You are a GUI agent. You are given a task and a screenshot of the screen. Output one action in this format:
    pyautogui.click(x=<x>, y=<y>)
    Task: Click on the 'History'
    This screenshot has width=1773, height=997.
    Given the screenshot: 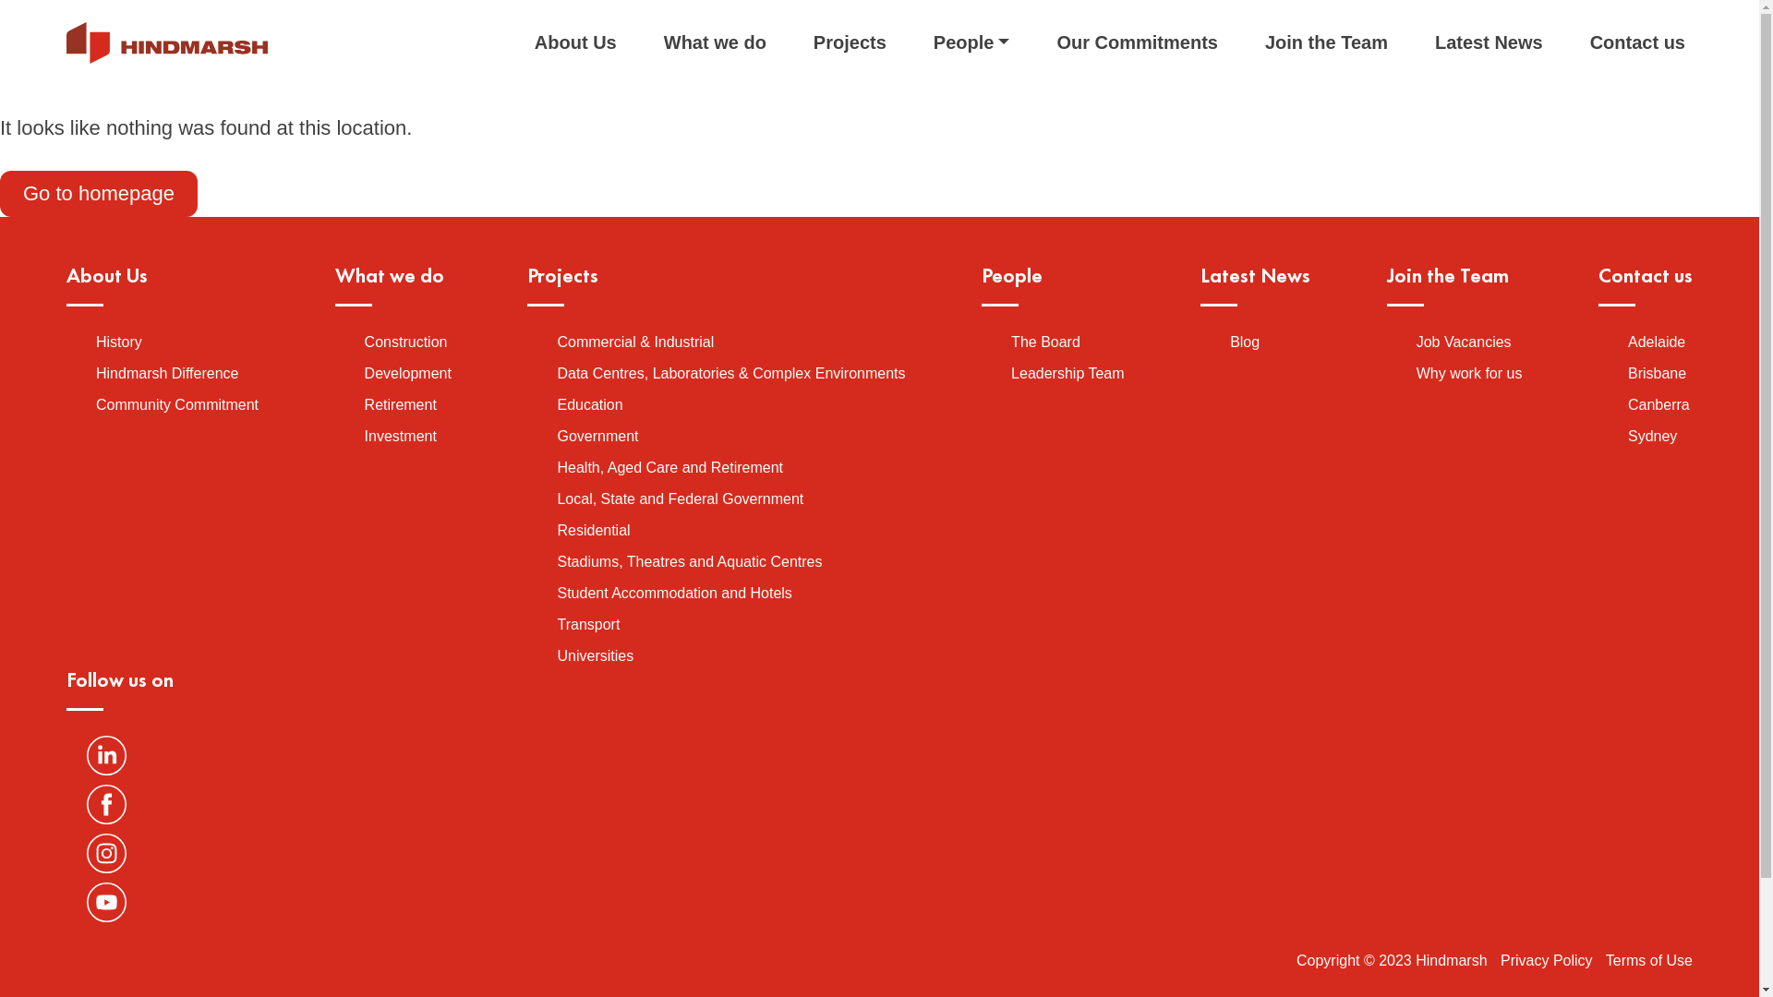 What is the action you would take?
    pyautogui.click(x=118, y=342)
    